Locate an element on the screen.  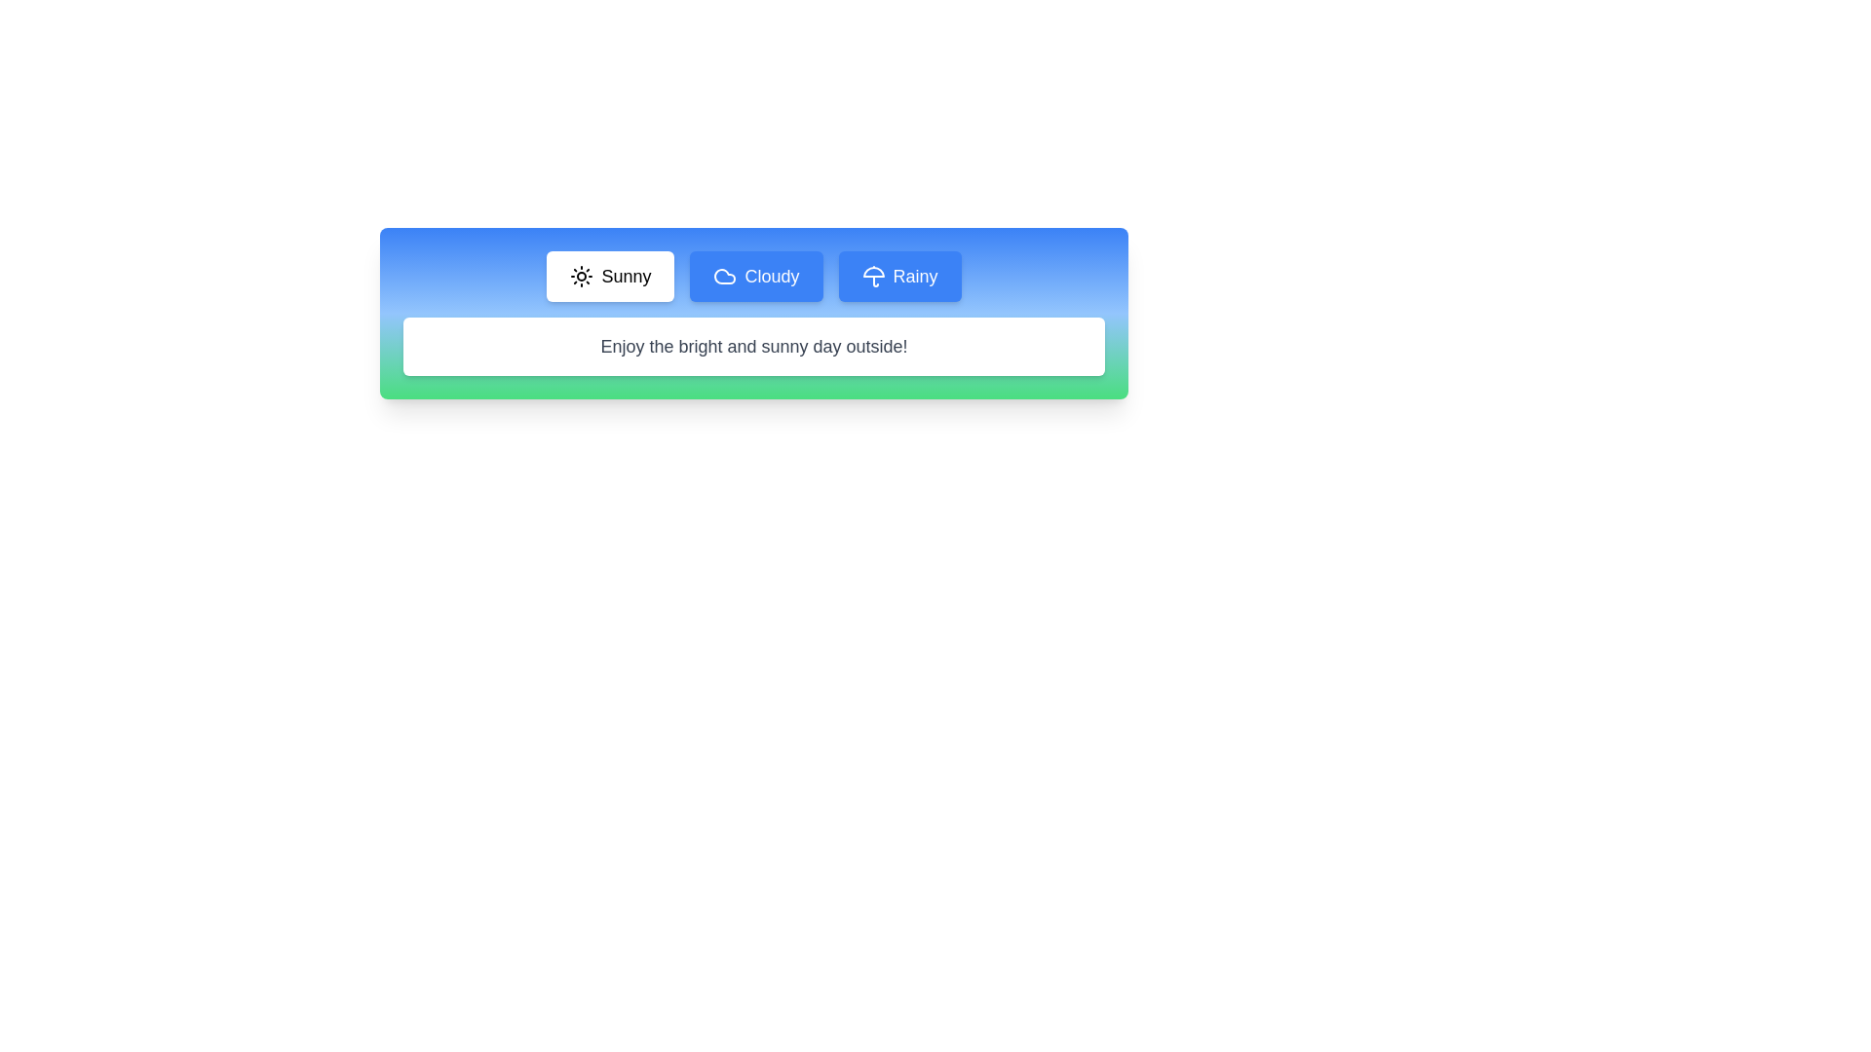
the Sunny tab to see its hover effect is located at coordinates (609, 277).